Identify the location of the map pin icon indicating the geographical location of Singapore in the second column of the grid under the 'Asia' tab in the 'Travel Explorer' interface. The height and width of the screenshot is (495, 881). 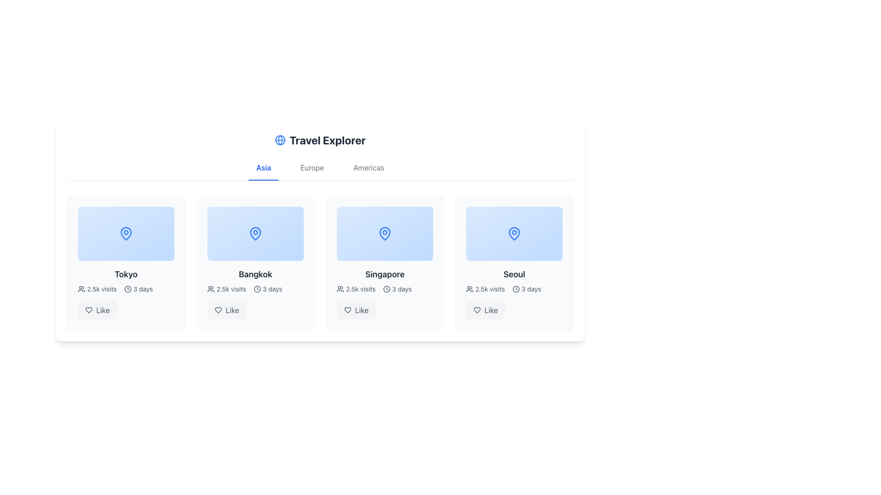
(385, 233).